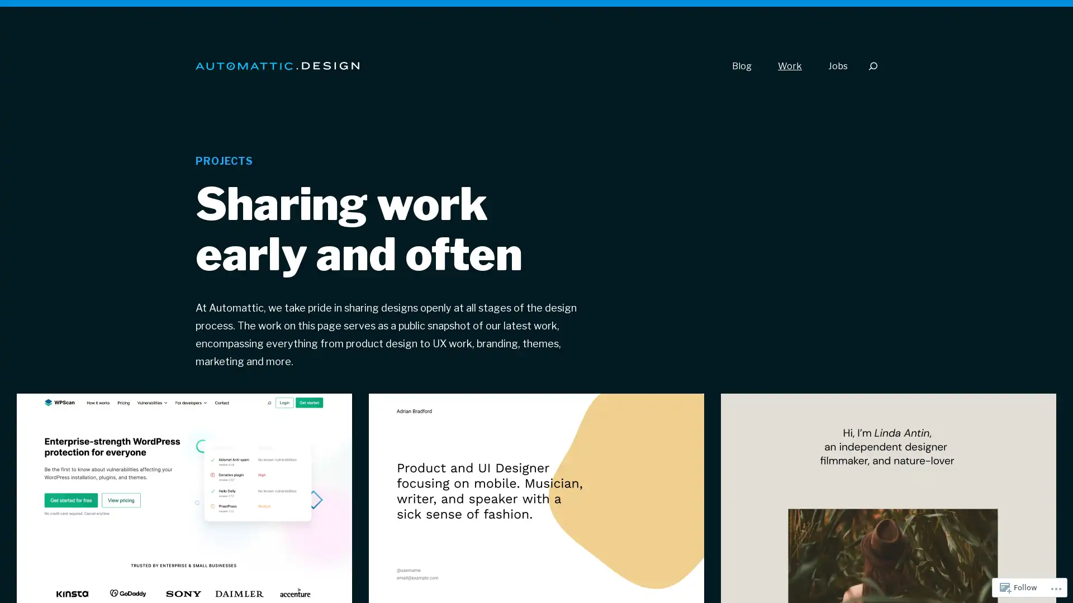 The image size is (1073, 603). I want to click on Search, so click(872, 66).